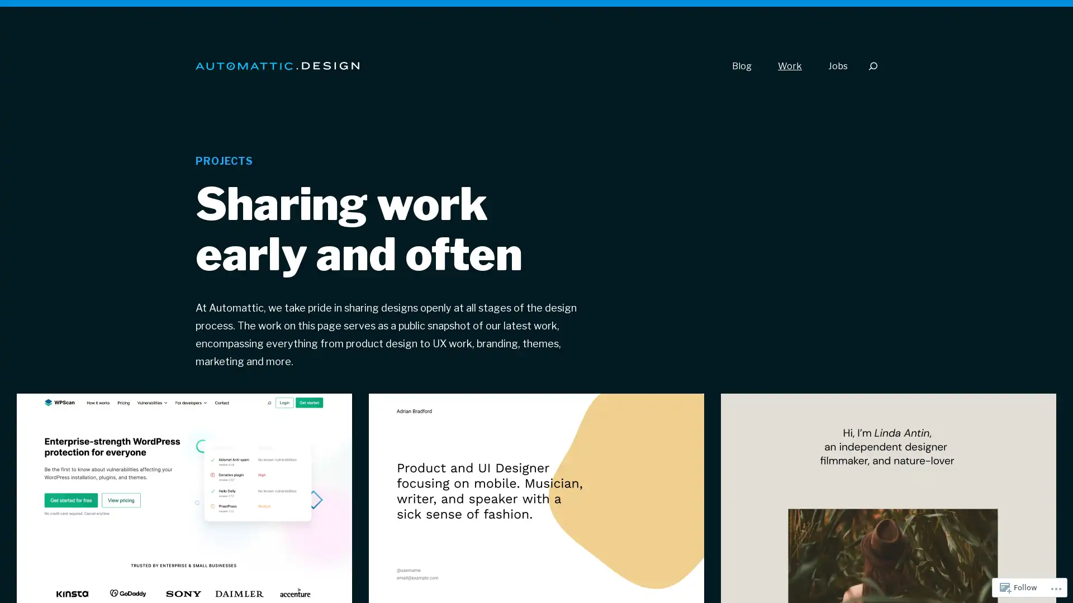 The image size is (1073, 603). I want to click on Search, so click(872, 66).